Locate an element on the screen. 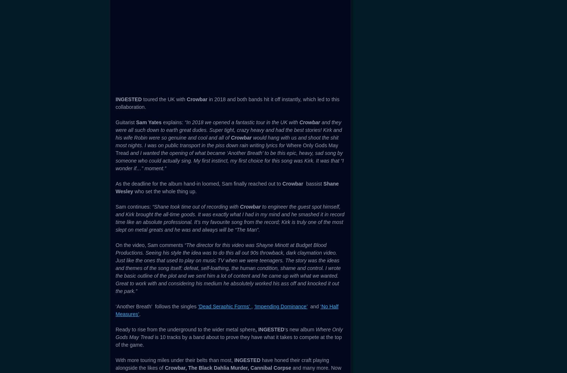 The width and height of the screenshot is (567, 373). ',' is located at coordinates (292, 134).